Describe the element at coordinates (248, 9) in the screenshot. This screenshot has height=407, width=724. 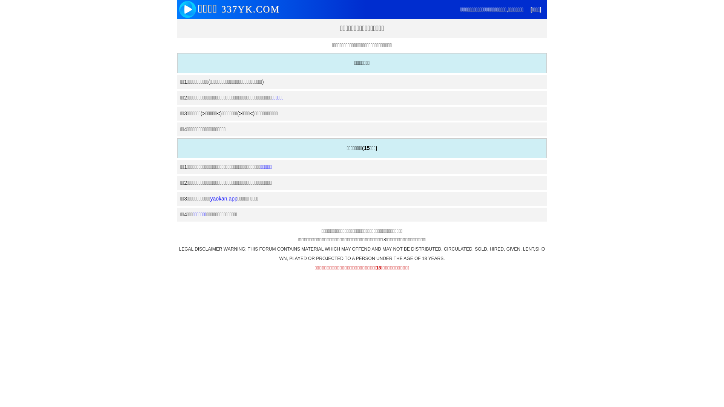
I see `'337YK.COM'` at that location.